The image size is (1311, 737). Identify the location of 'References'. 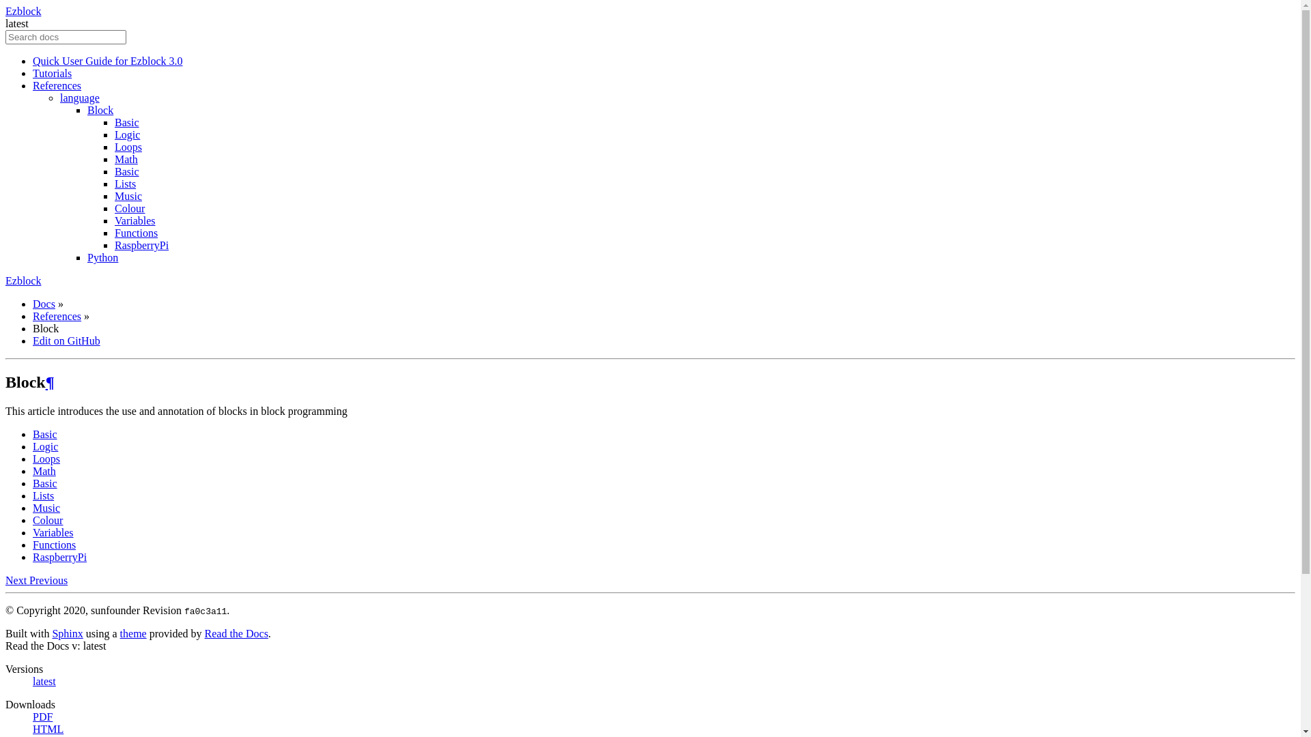
(56, 316).